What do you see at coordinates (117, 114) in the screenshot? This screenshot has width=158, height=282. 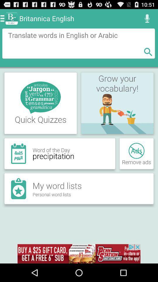 I see `the image shown below vocabulary` at bounding box center [117, 114].